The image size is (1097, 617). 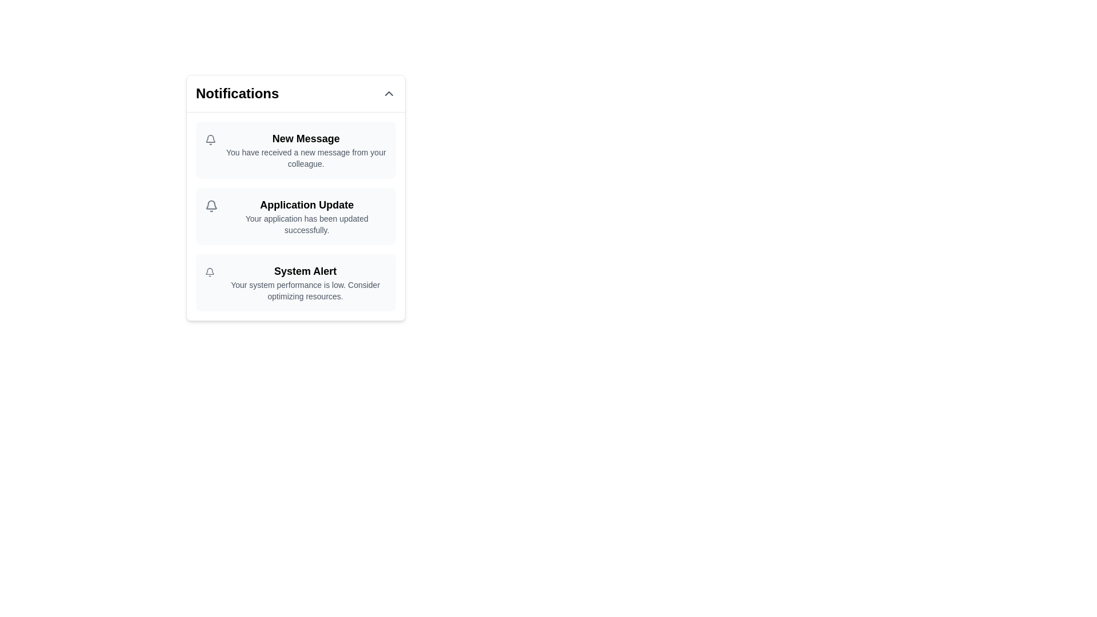 I want to click on the 'System Alert' notification card using keyboard navigation, so click(x=296, y=282).